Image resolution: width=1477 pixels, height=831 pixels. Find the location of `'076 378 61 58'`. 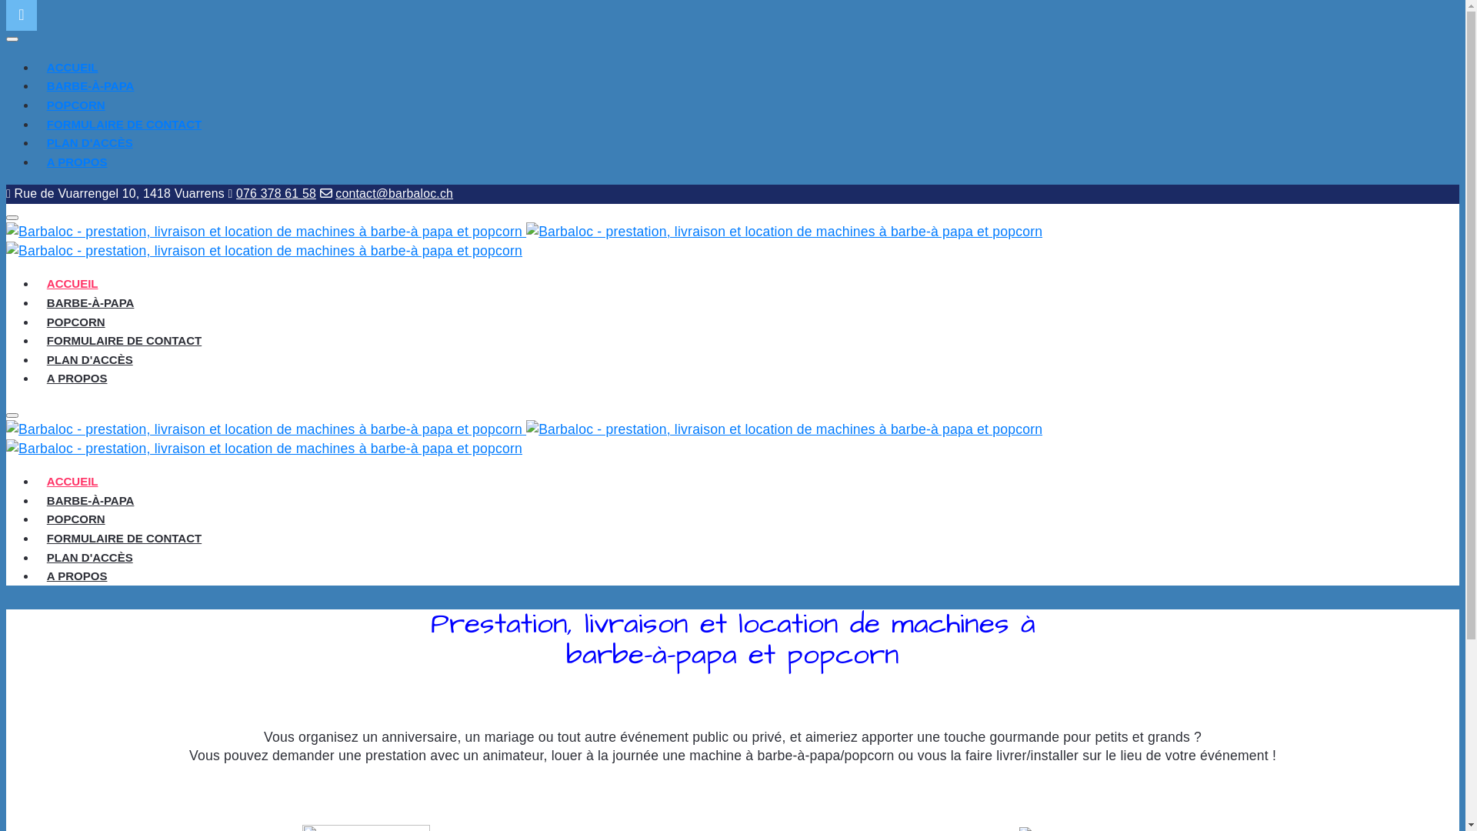

'076 378 61 58' is located at coordinates (276, 192).